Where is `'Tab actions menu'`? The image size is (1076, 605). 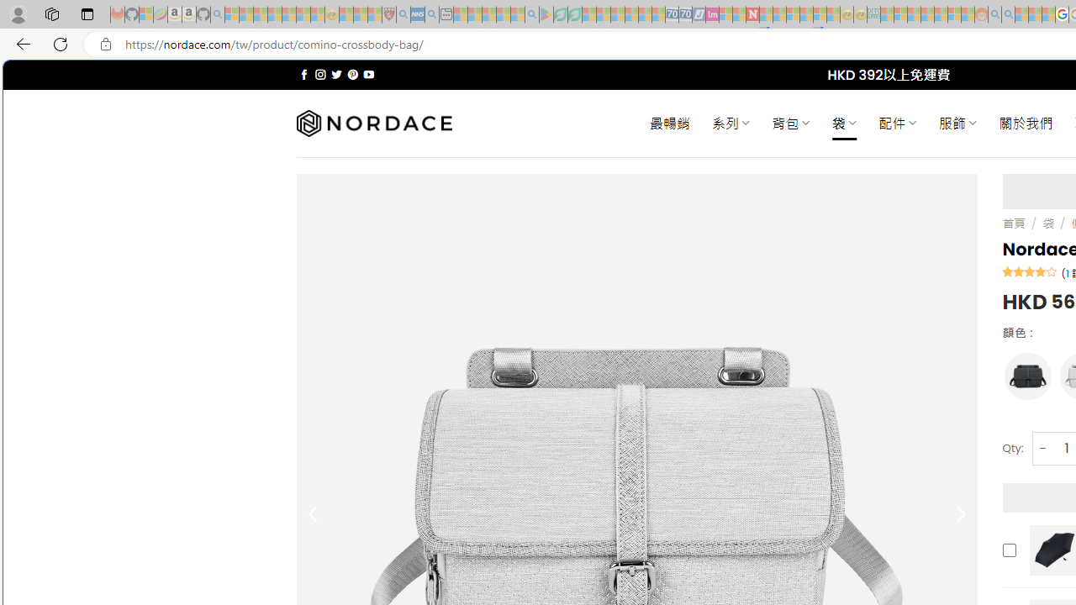
'Tab actions menu' is located at coordinates (87, 13).